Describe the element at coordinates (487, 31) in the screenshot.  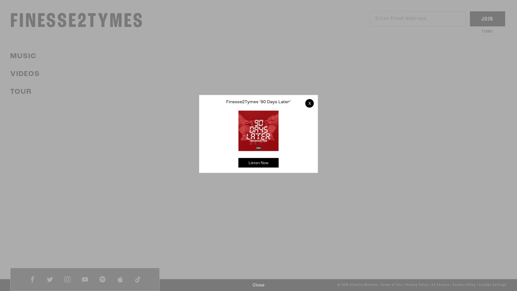
I see `'TERMS'` at that location.